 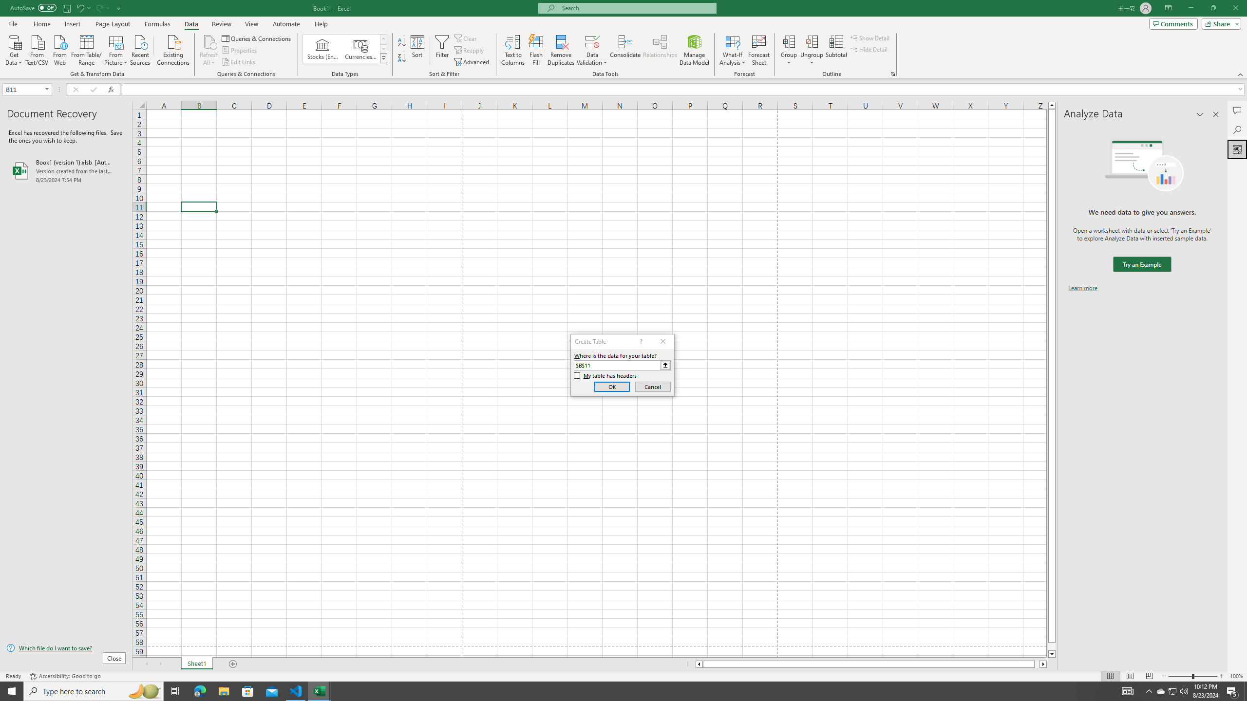 What do you see at coordinates (1219, 23) in the screenshot?
I see `'Share'` at bounding box center [1219, 23].